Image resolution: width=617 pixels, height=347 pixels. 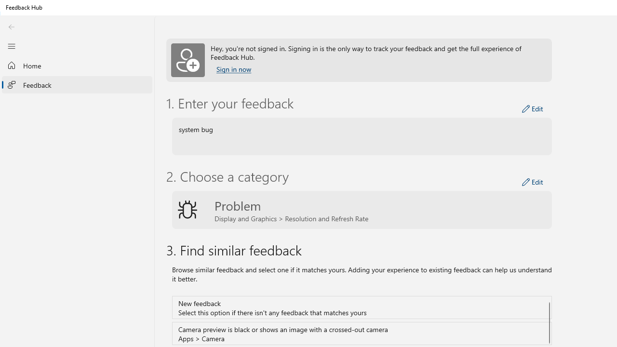 I want to click on 'Edit your feedback details', so click(x=532, y=108).